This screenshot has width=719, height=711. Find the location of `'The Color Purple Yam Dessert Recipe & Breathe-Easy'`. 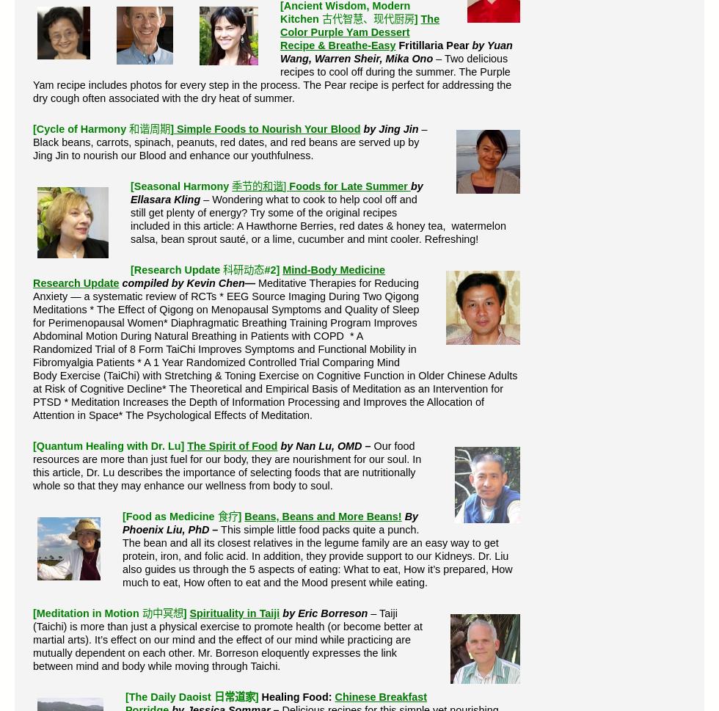

'The Color Purple Yam Dessert Recipe & Breathe-Easy' is located at coordinates (359, 32).